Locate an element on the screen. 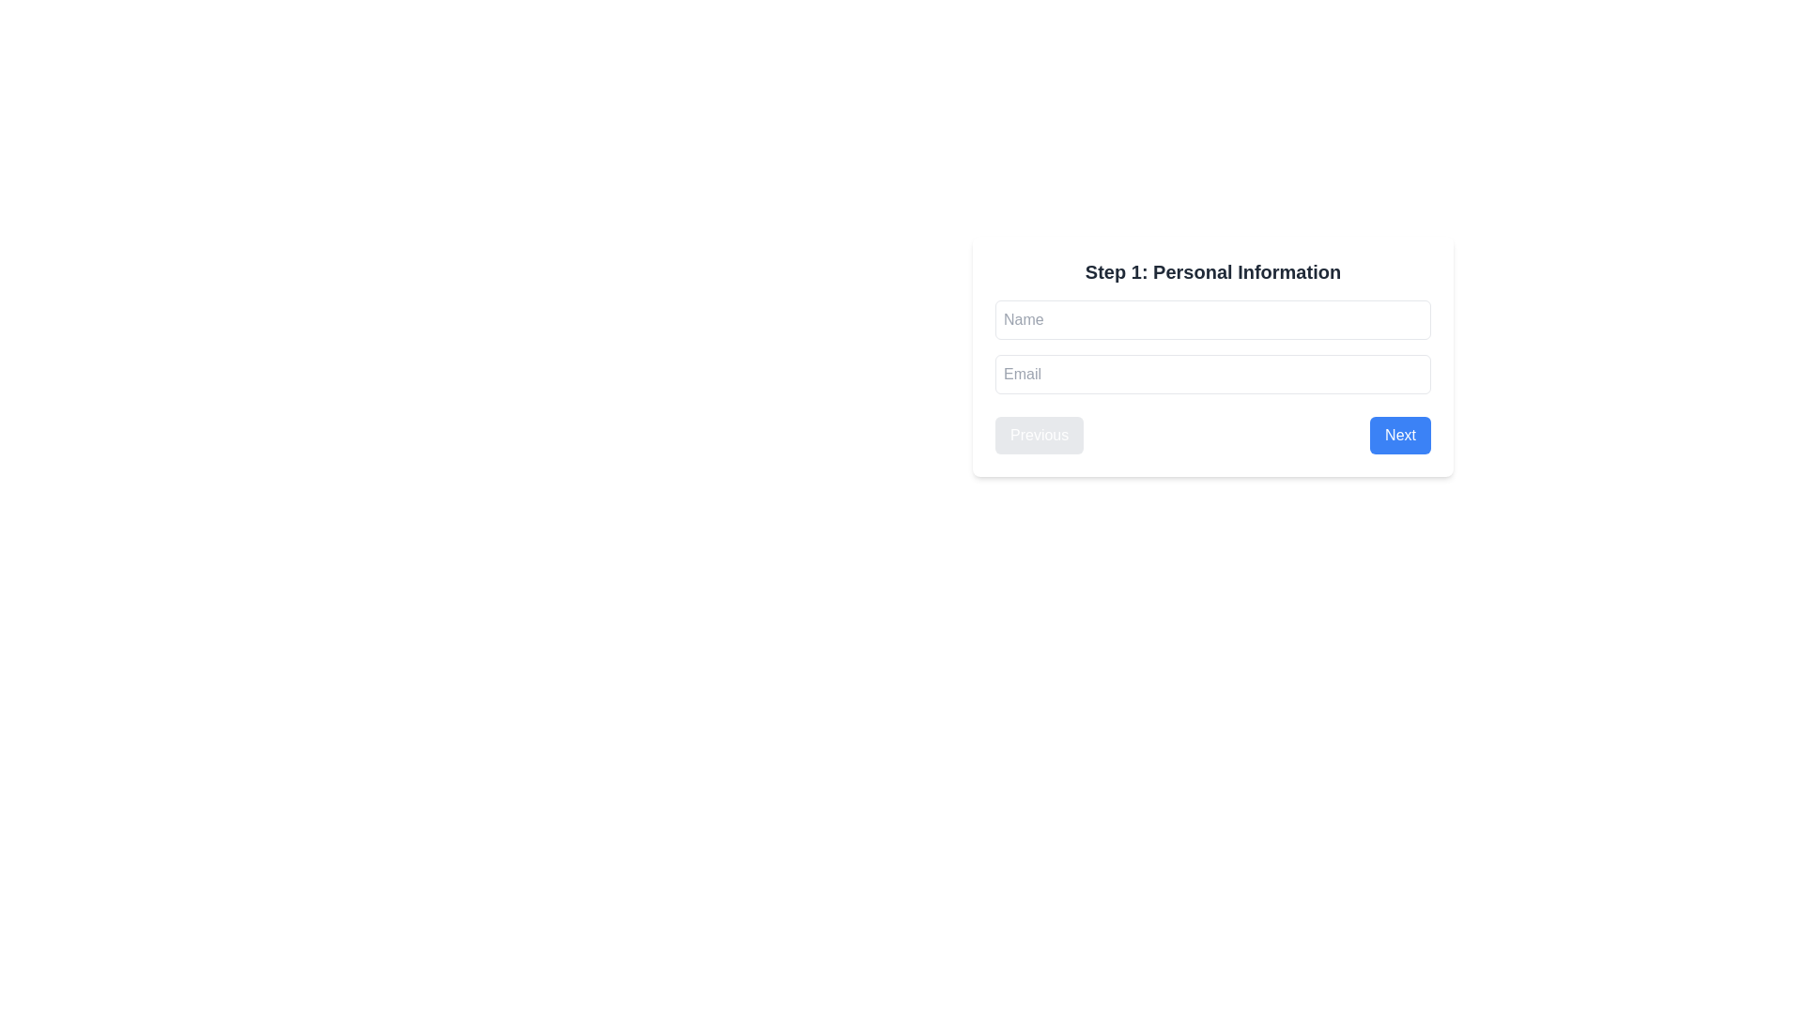 Image resolution: width=1803 pixels, height=1014 pixels. the horizontal button group containing 'Previous' and 'Next' buttons, specifically designed for navigation in the 'Step 1: Personal Information' form is located at coordinates (1212, 435).